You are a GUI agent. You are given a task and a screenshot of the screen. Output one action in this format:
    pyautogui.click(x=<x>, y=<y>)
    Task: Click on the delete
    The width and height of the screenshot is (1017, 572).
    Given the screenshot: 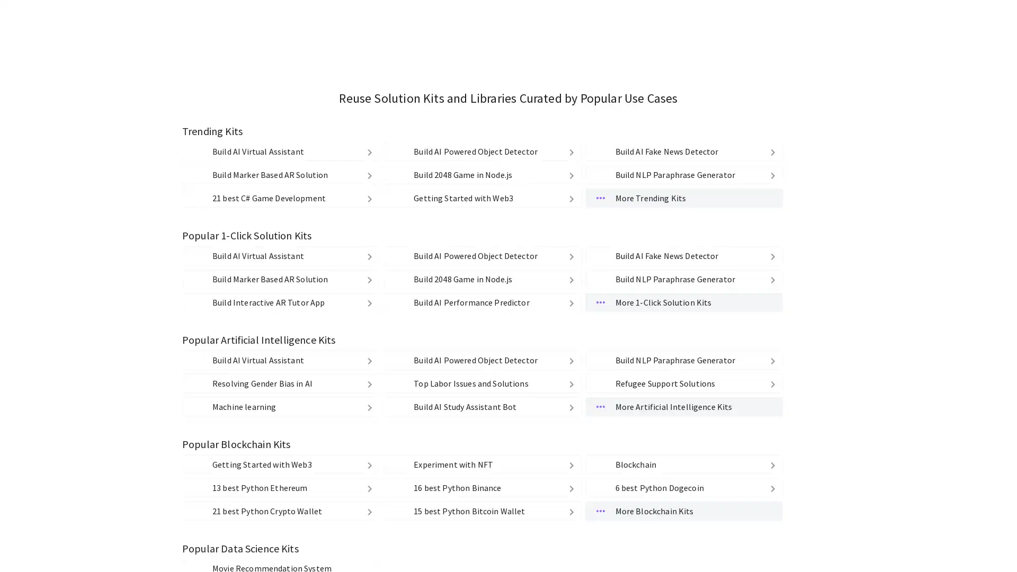 What is the action you would take?
    pyautogui.click(x=570, y=441)
    